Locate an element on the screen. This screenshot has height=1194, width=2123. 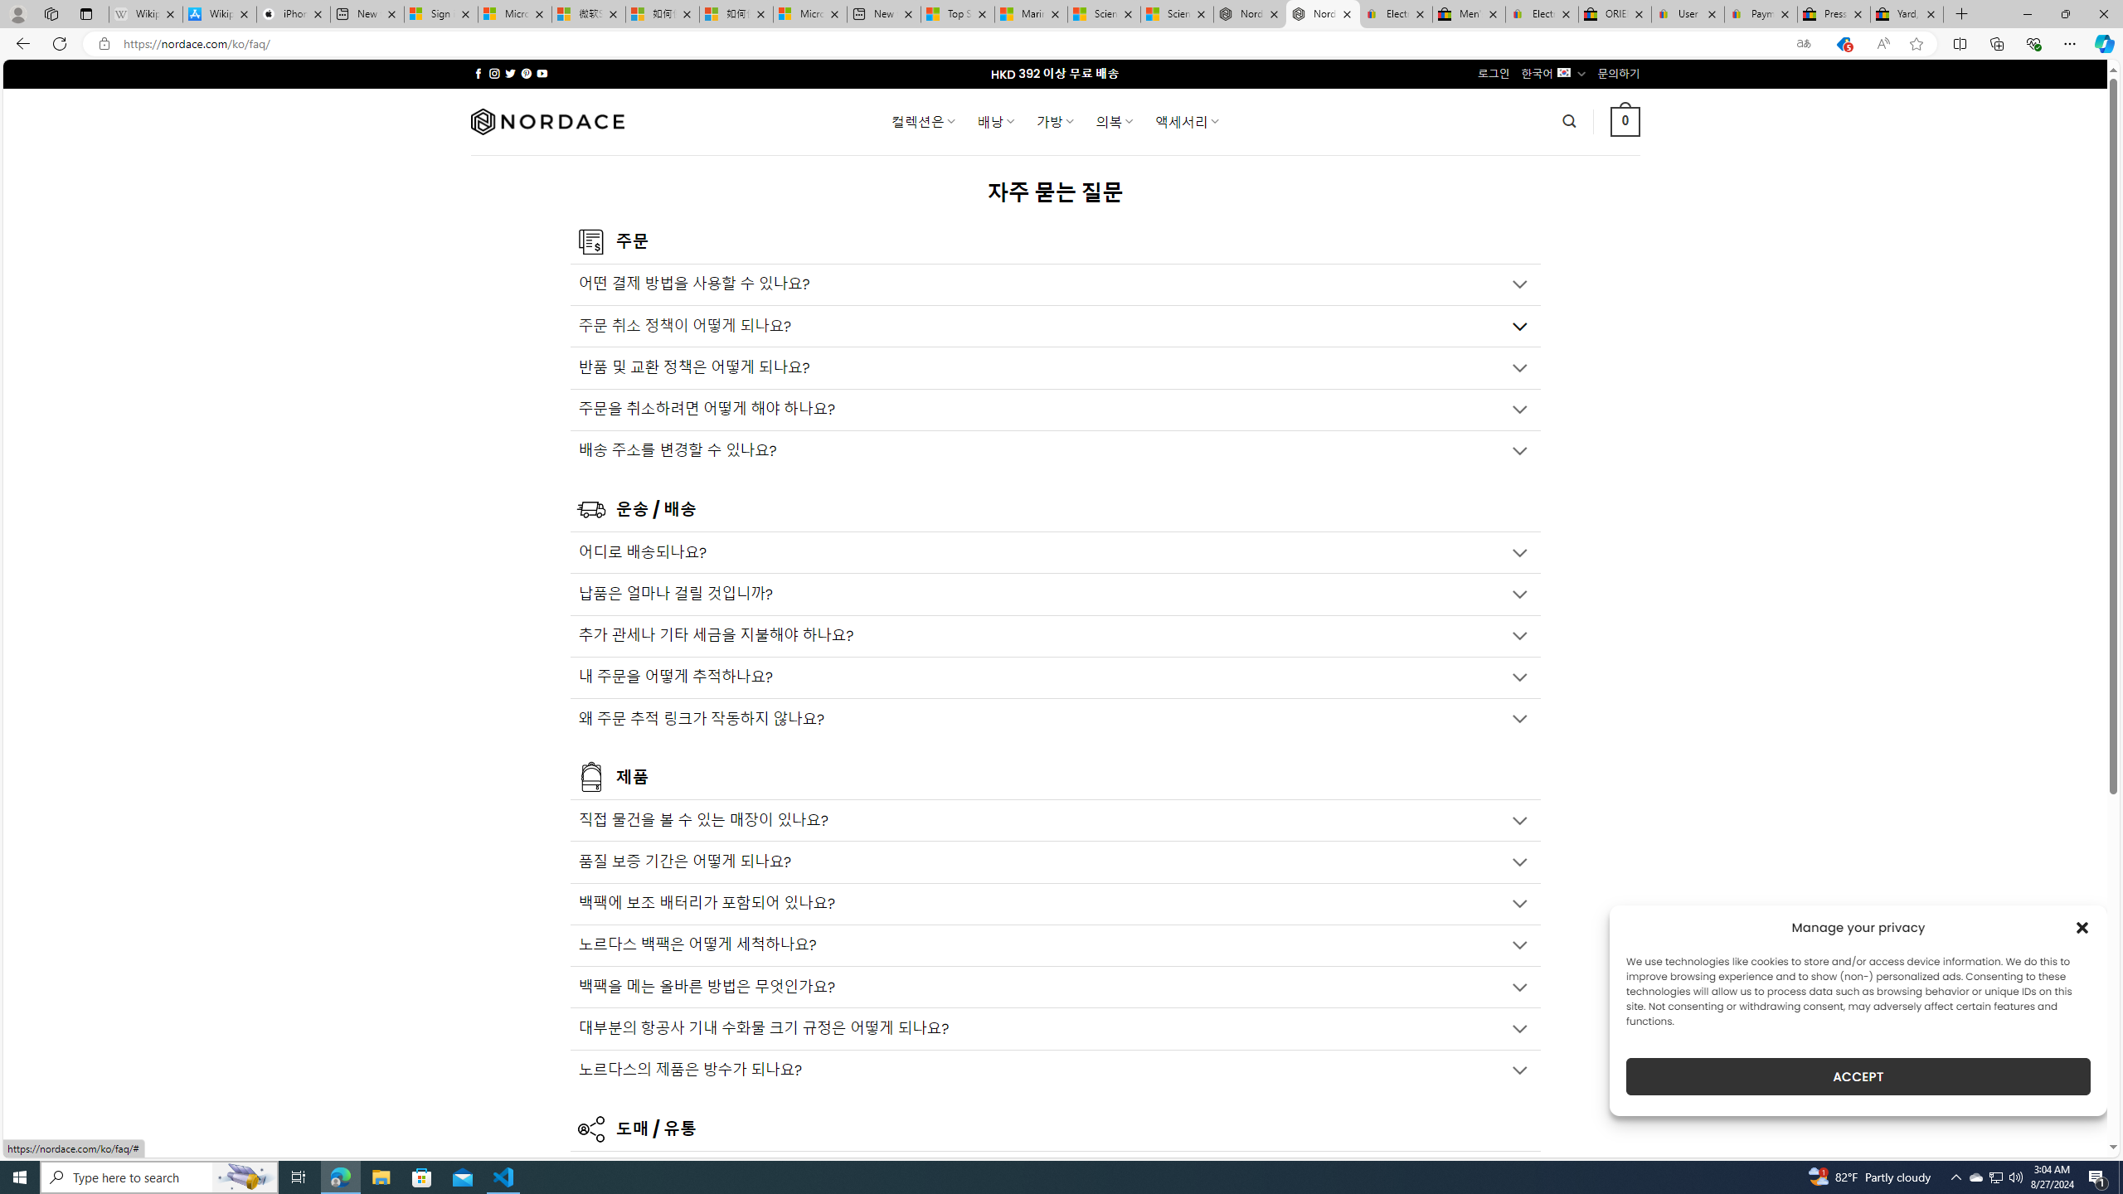
'ACCEPT' is located at coordinates (1858, 1076).